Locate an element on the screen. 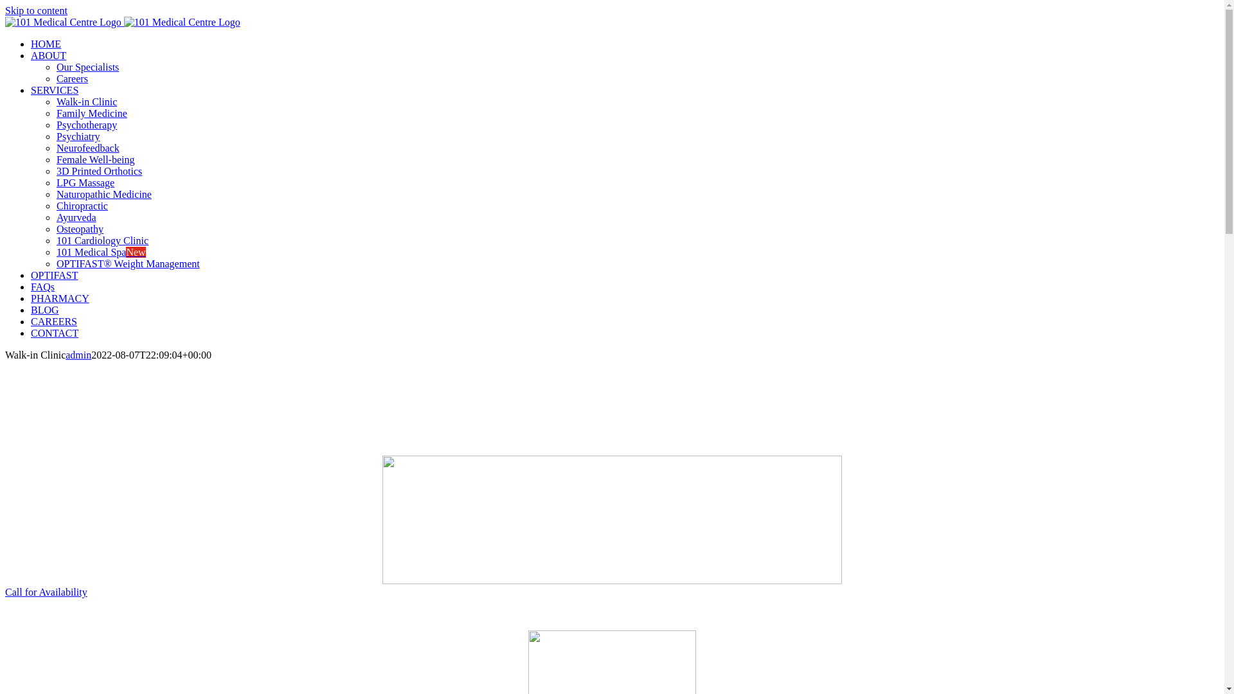  'Osteopathy' is located at coordinates (79, 228).